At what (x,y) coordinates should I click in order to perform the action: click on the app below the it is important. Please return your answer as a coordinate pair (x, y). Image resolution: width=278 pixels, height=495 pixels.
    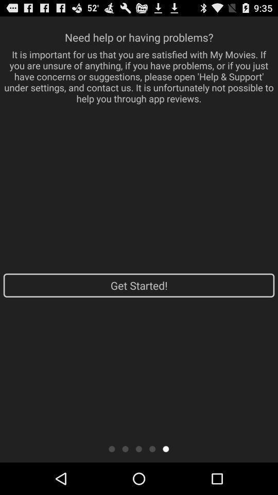
    Looking at the image, I should click on (139, 285).